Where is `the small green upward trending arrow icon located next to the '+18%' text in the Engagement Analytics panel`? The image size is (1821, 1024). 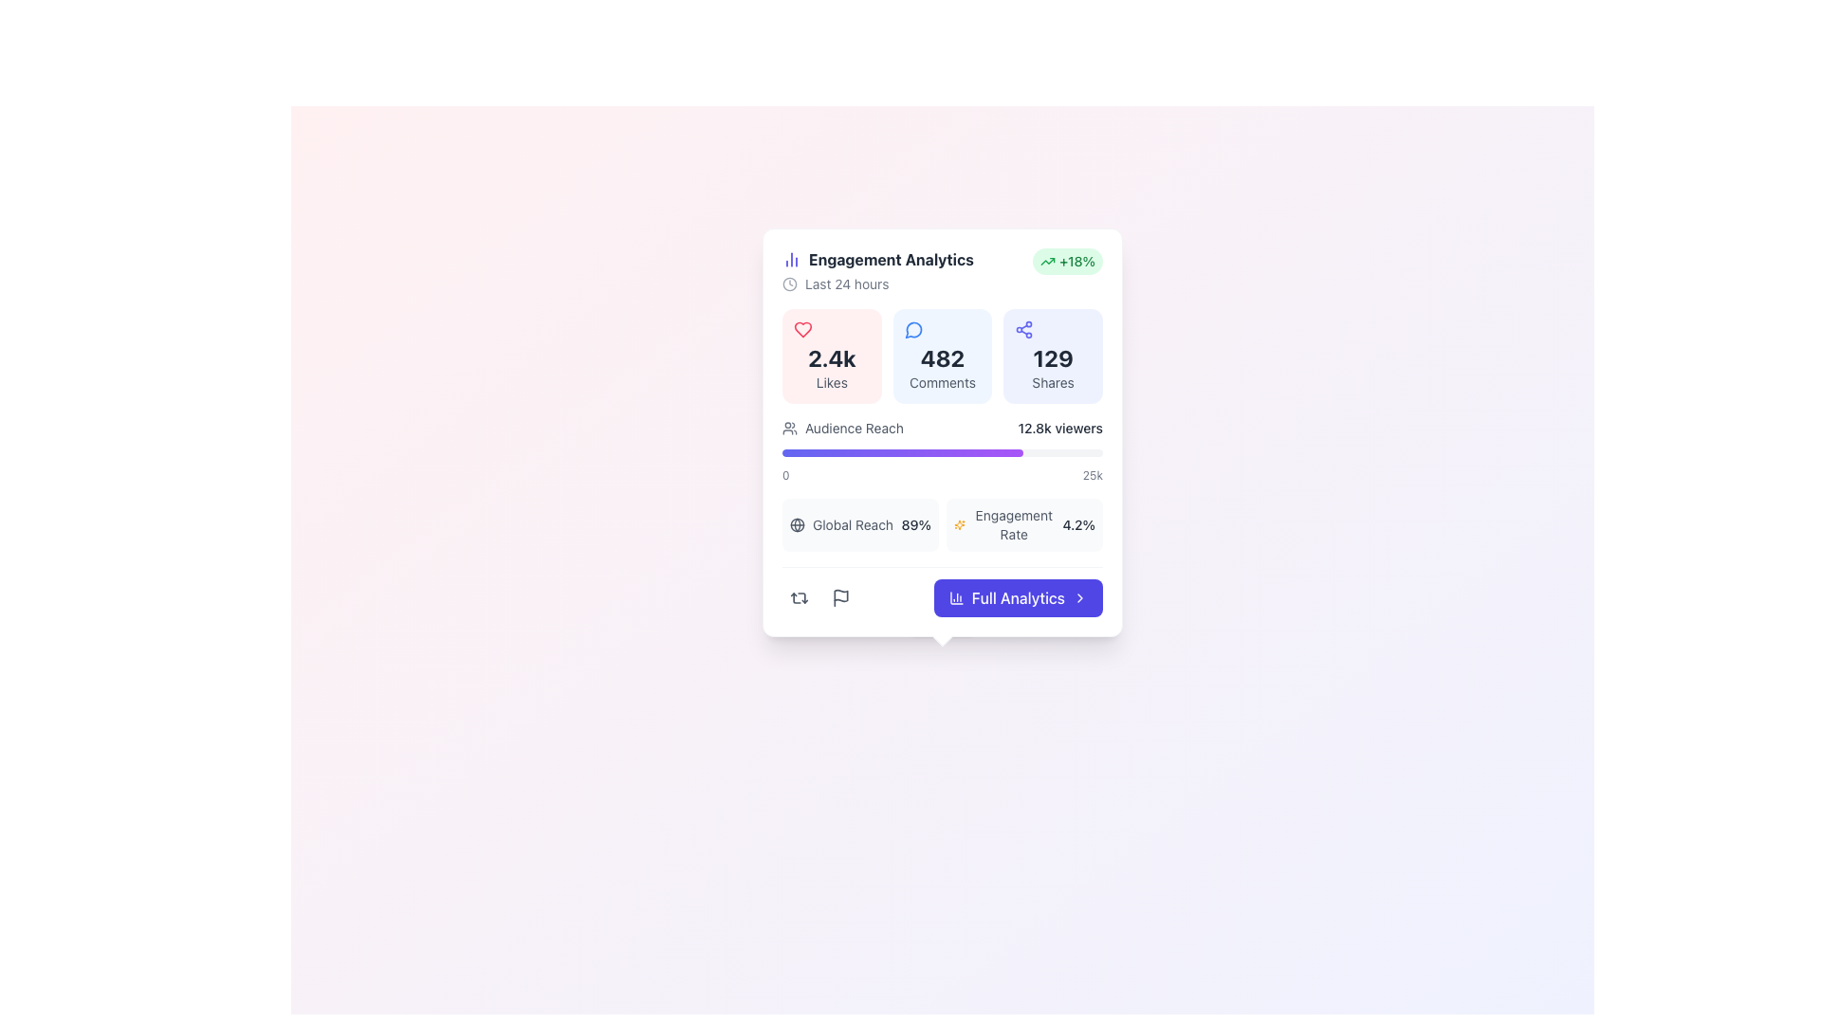 the small green upward trending arrow icon located next to the '+18%' text in the Engagement Analytics panel is located at coordinates (1047, 262).